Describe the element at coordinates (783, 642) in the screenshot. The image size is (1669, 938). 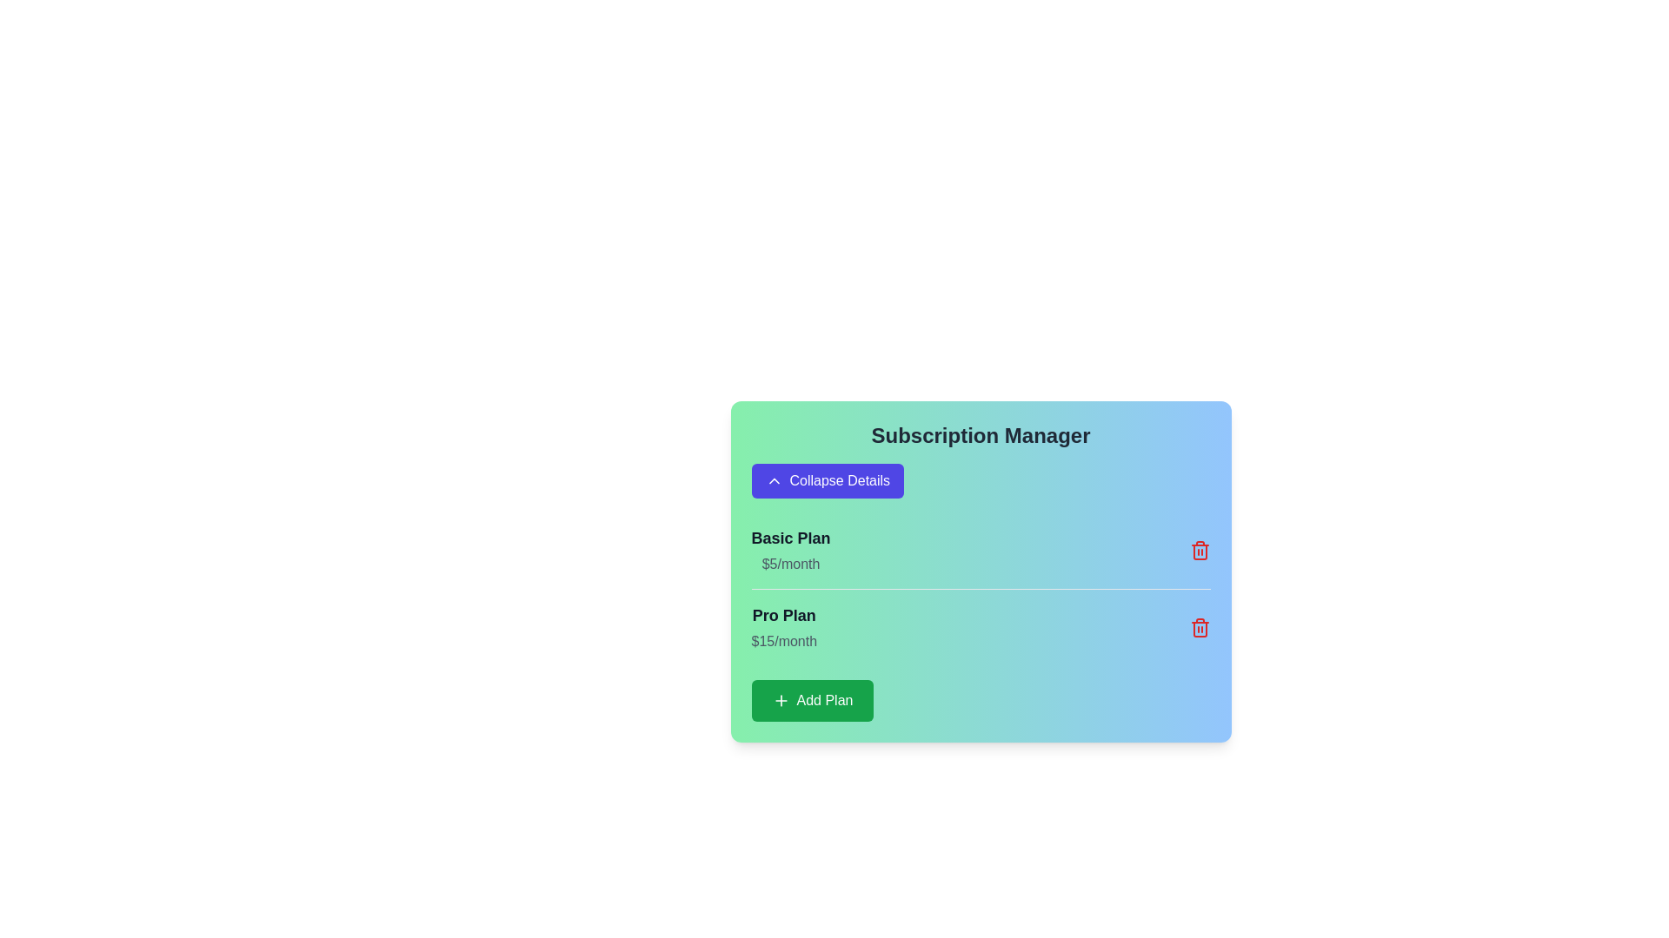
I see `the descriptive label indicating the cost associated with the 'Pro Plan' subscription tier, located below the 'Pro Plan' text in the 'Subscription Manager' layout` at that location.